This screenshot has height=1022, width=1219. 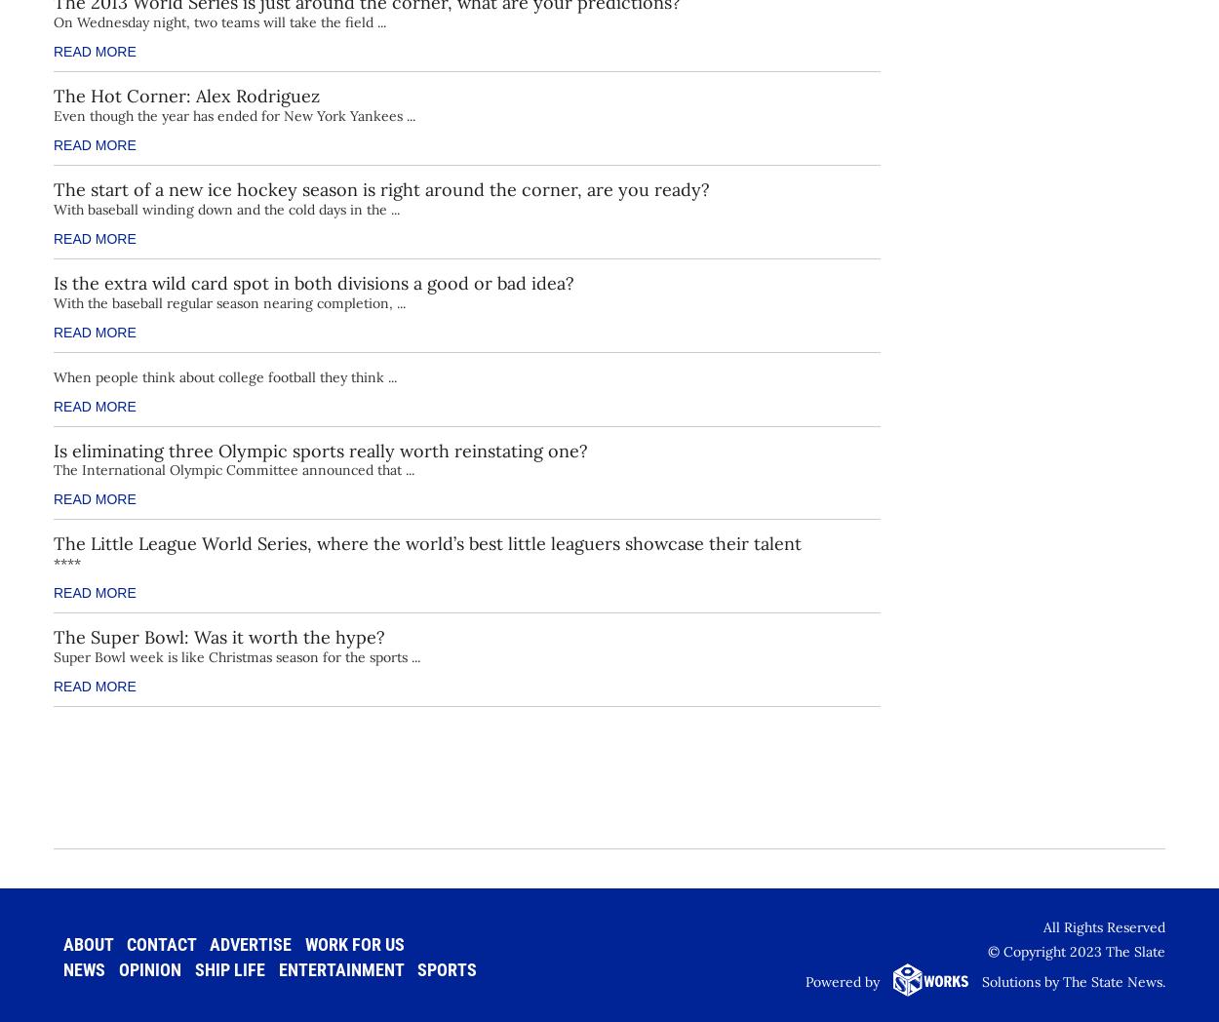 I want to click on 'All Rights Reserved', so click(x=1104, y=926).